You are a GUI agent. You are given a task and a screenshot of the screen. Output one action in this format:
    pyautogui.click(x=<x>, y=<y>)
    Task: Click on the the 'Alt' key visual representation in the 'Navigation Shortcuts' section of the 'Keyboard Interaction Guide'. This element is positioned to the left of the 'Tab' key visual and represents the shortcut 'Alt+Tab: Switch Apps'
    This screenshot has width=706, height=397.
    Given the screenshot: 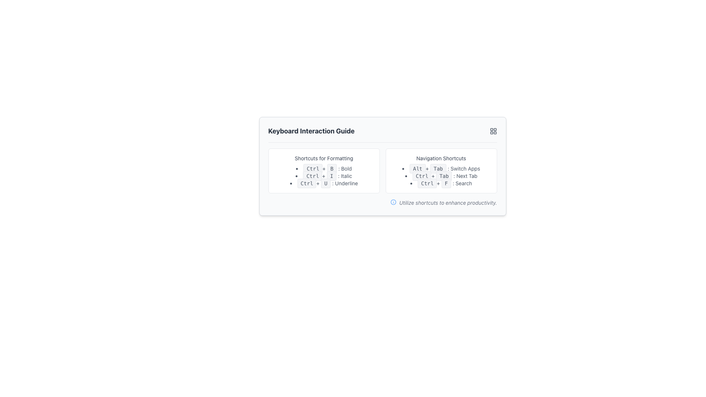 What is the action you would take?
    pyautogui.click(x=417, y=169)
    